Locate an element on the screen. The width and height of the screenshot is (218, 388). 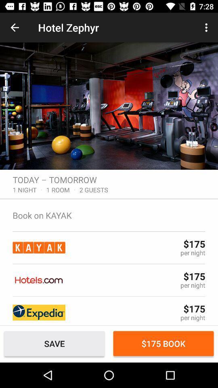
save item is located at coordinates (55, 343).